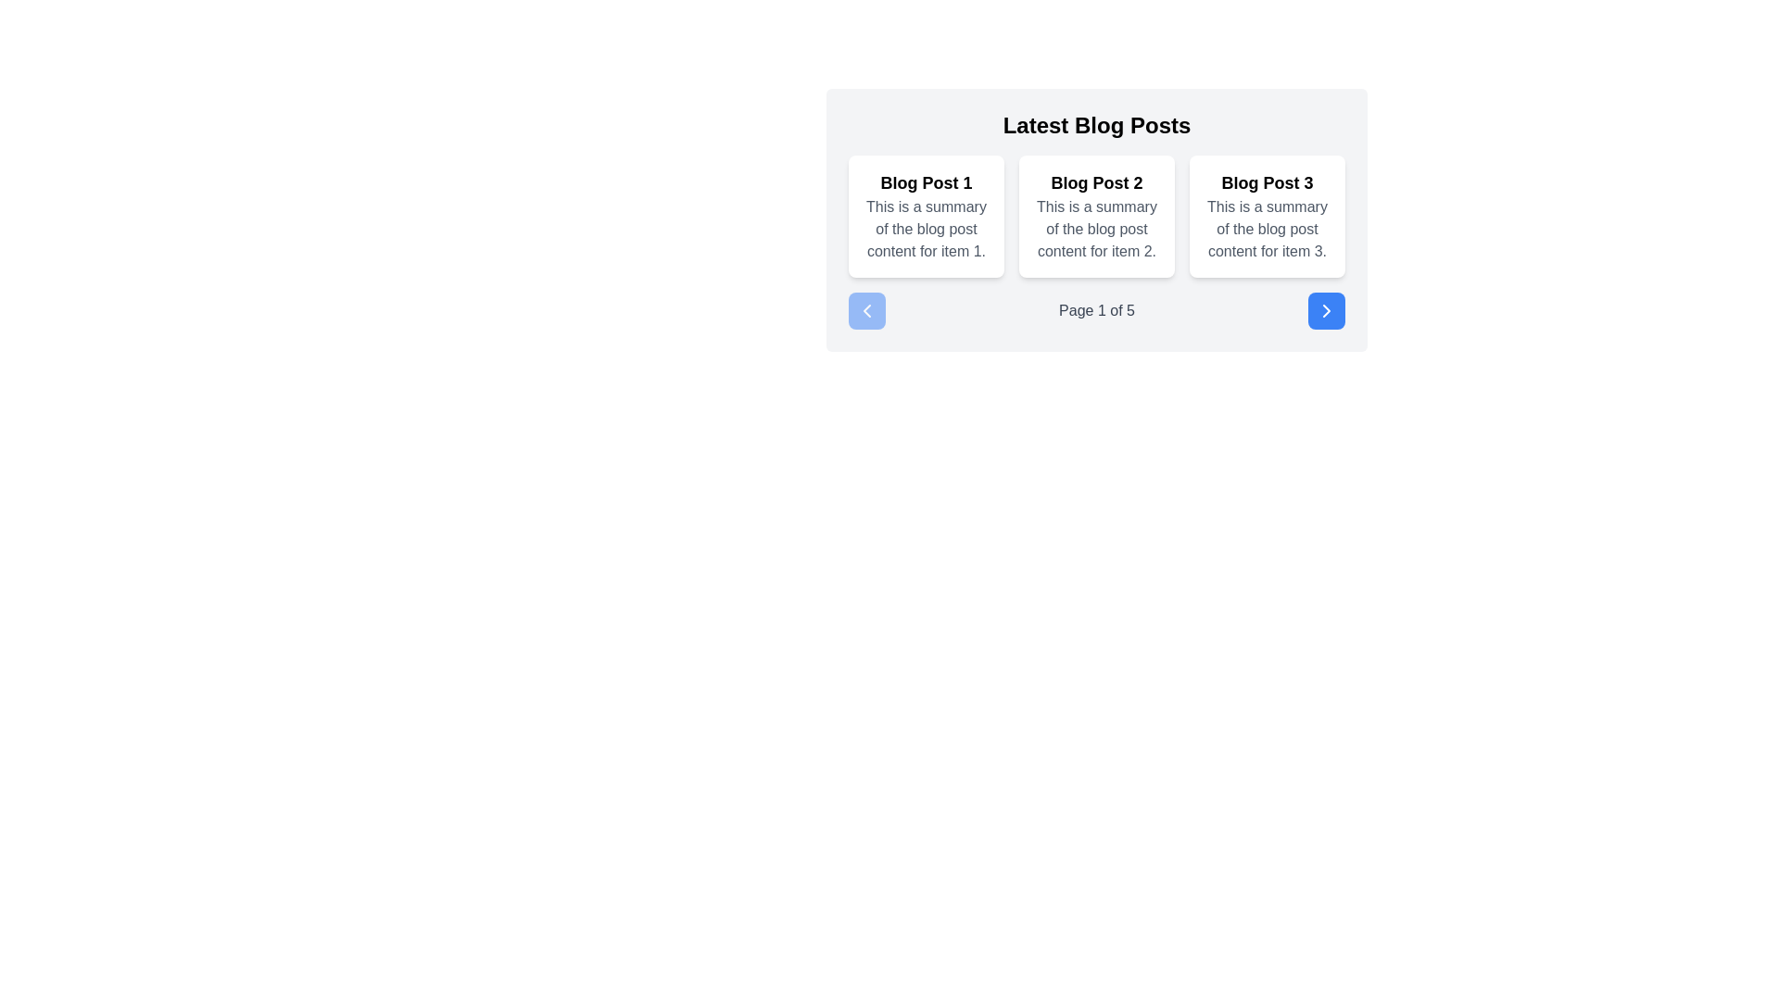 The height and width of the screenshot is (1000, 1779). I want to click on the blue circular button containing the chevron icon at the bottom right corner of the interface to proceed to the next page of blog posts, so click(1325, 309).